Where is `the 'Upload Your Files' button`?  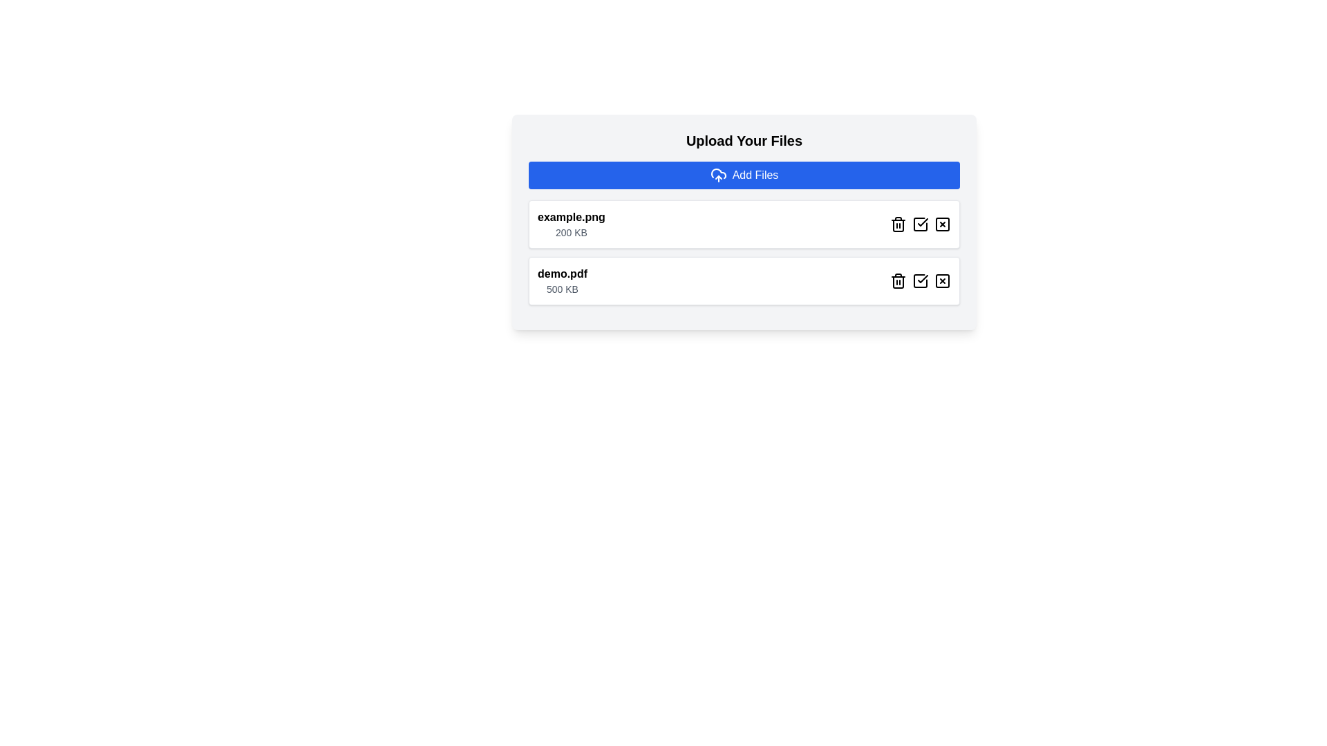 the 'Upload Your Files' button is located at coordinates (743, 175).